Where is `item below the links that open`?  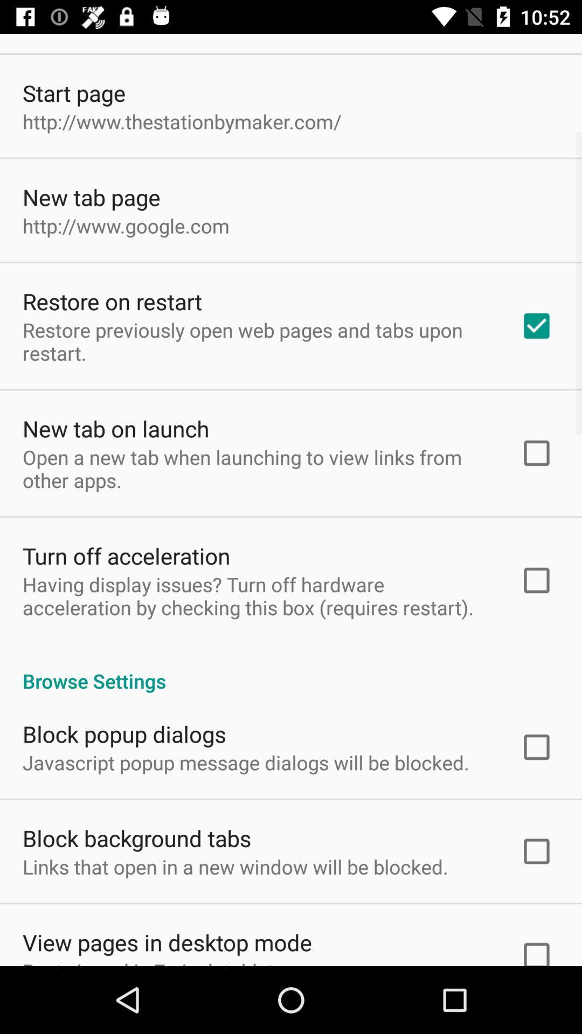
item below the links that open is located at coordinates (167, 941).